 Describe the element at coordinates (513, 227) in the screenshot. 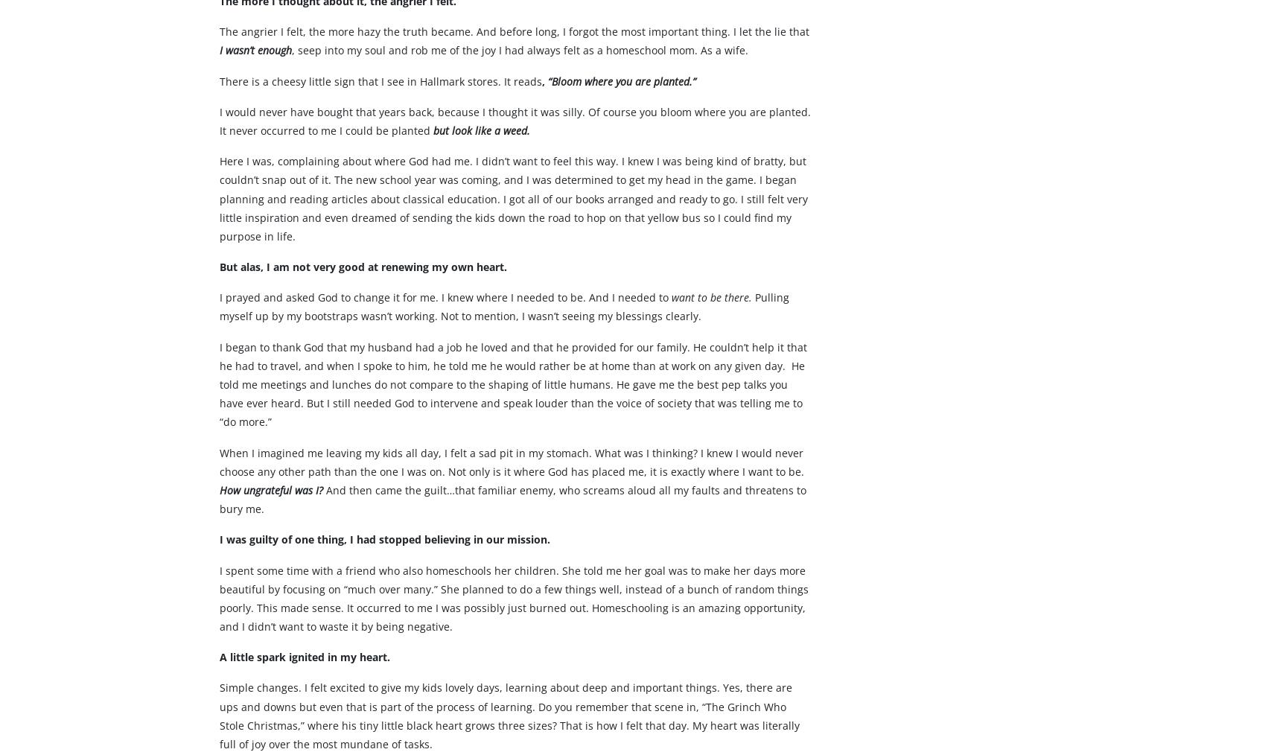

I see `'Here I was, complaining about where God had me. I didn’t want to feel this way. I knew I was being kind of bratty, but couldn’t snap out of it. The new school year was coming, and I was determined to get my head in the game. I began planning and reading articles about classical education. I got all of our books arranged and ready to go. I still felt very little inspiration and even dreamed of sending the kids down the road to hop on that yellow bus so I could find my purpose in life.'` at that location.